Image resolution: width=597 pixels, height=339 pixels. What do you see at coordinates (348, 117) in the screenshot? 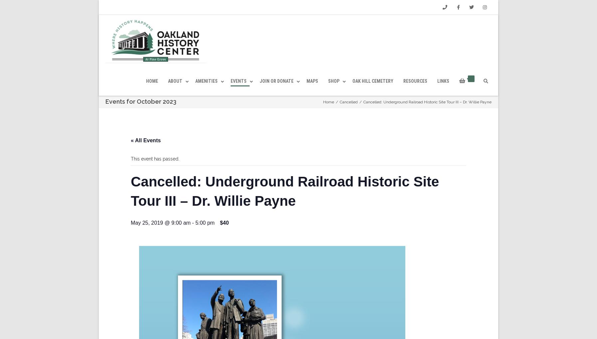
I see `'Cancelled'` at bounding box center [348, 117].